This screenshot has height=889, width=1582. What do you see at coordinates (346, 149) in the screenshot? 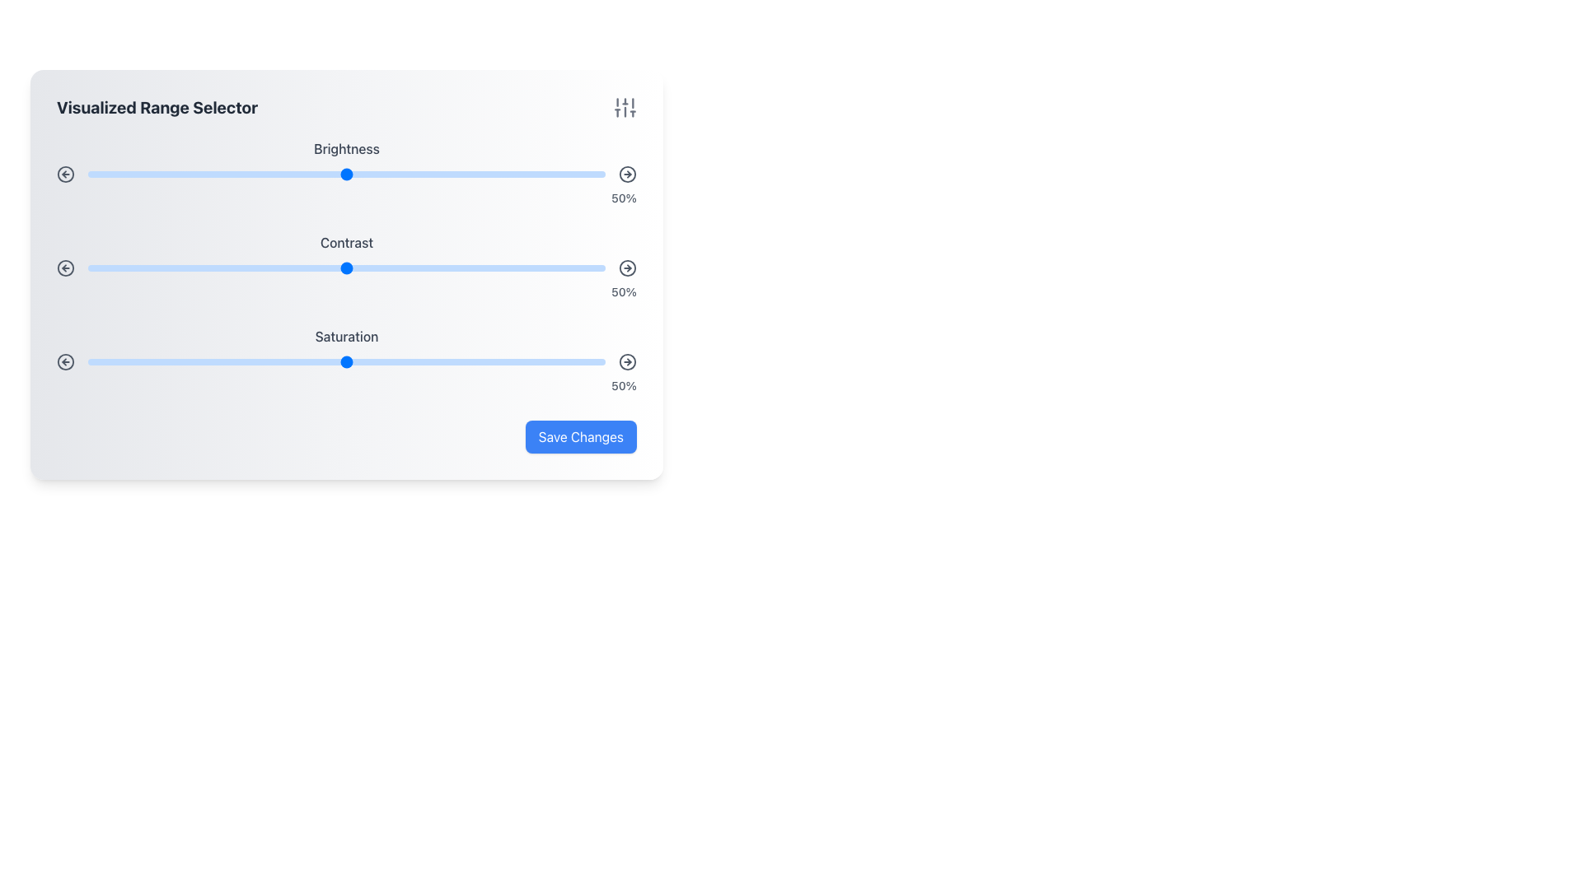
I see `the 'Brightness' text label, which is styled with medium font weight and gray color, located at the top of the brightness adjustment controls` at bounding box center [346, 149].